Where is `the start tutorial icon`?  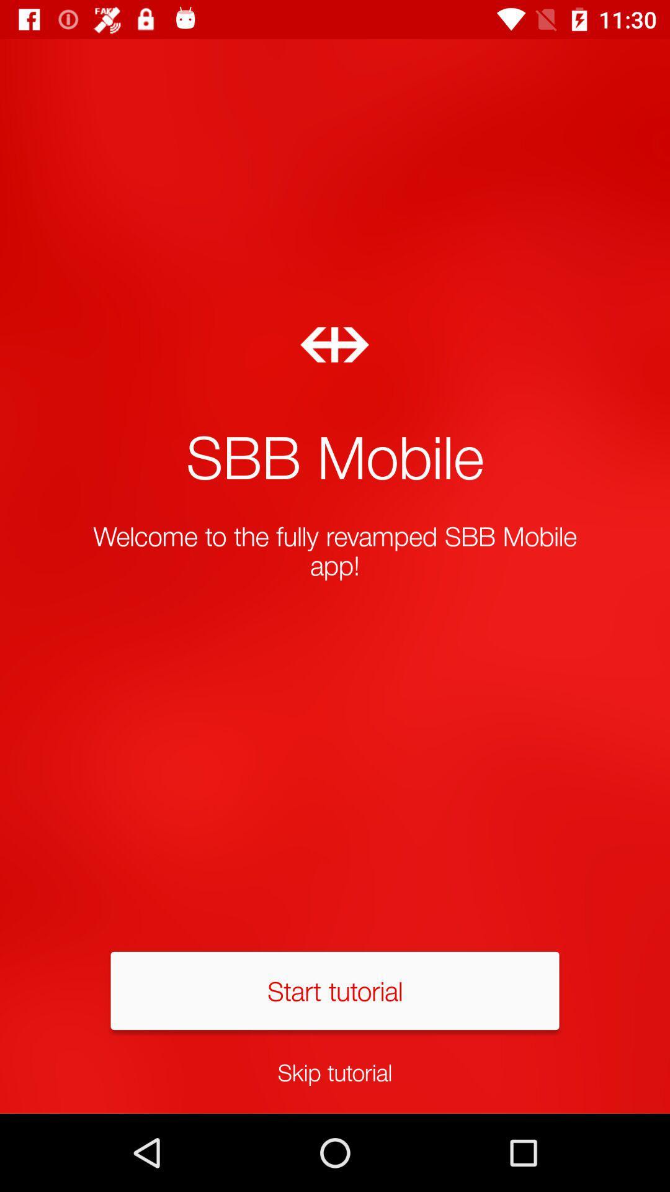 the start tutorial icon is located at coordinates (335, 990).